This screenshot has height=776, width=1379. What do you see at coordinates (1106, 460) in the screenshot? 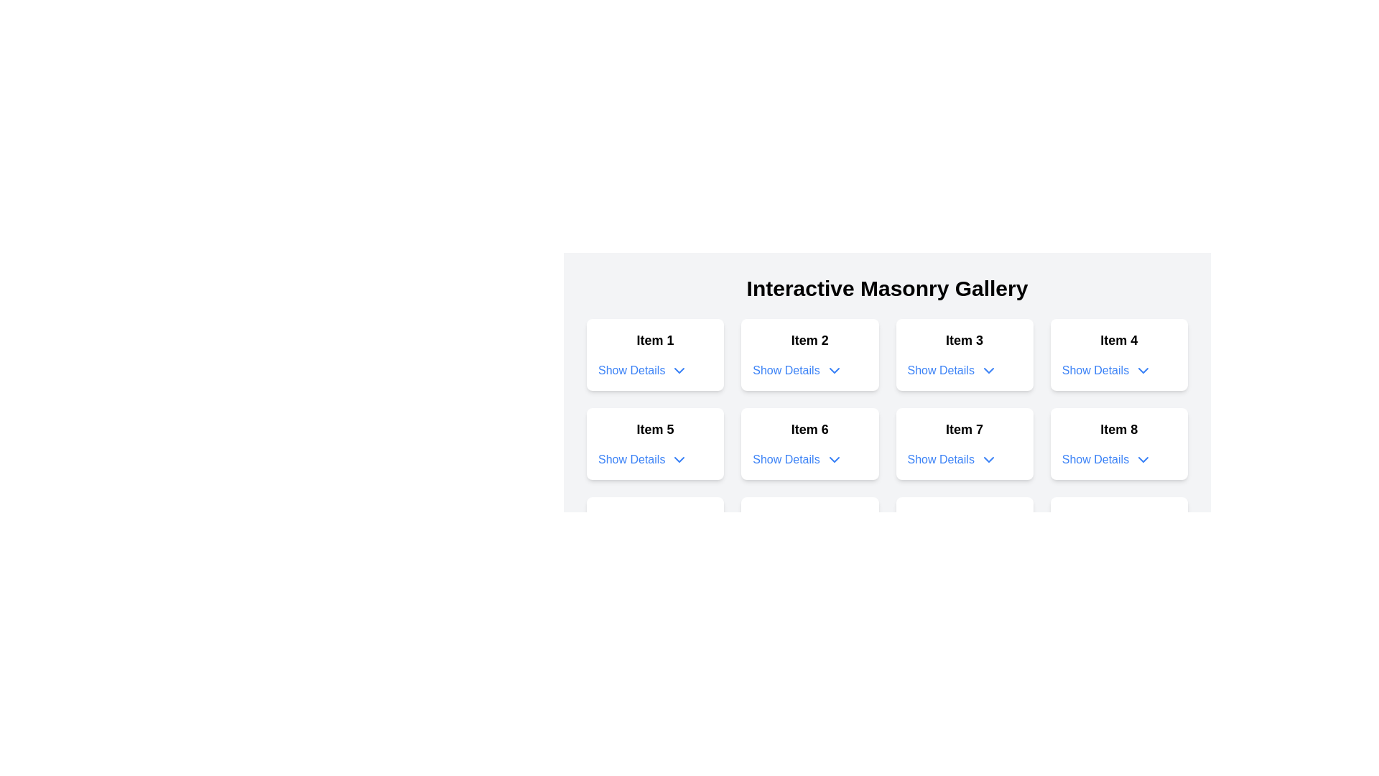
I see `the 'Details' button located at the lower-right corner of Item 8 in the Interactive Masonry Gallery` at bounding box center [1106, 460].